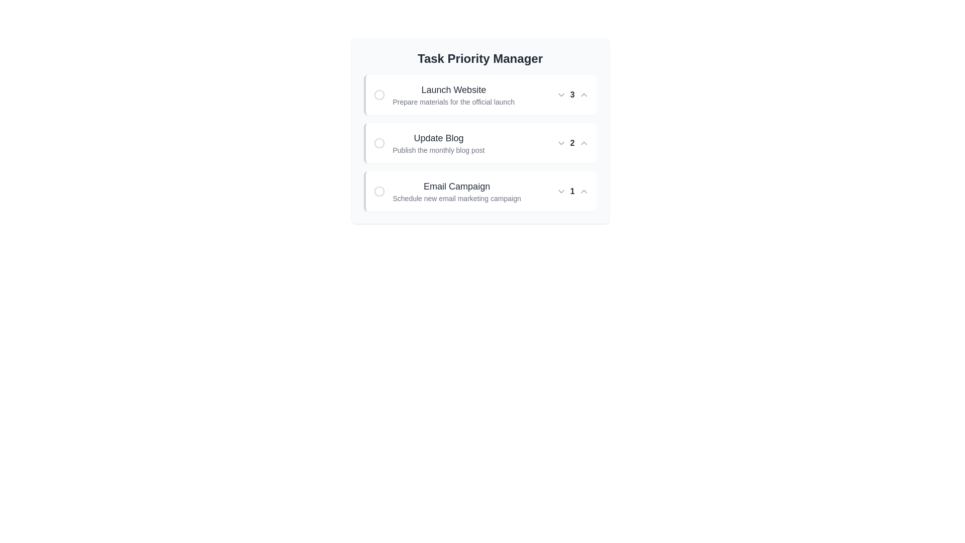 This screenshot has height=543, width=965. I want to click on the checkbox, so click(378, 95).